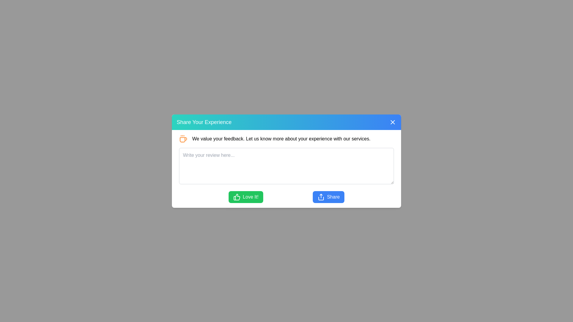 The image size is (573, 322). What do you see at coordinates (236, 197) in the screenshot?
I see `the thumbs-up SVG icon located within the interactive 'Love It!' button in the bottom-left corner of the feedback modal` at bounding box center [236, 197].